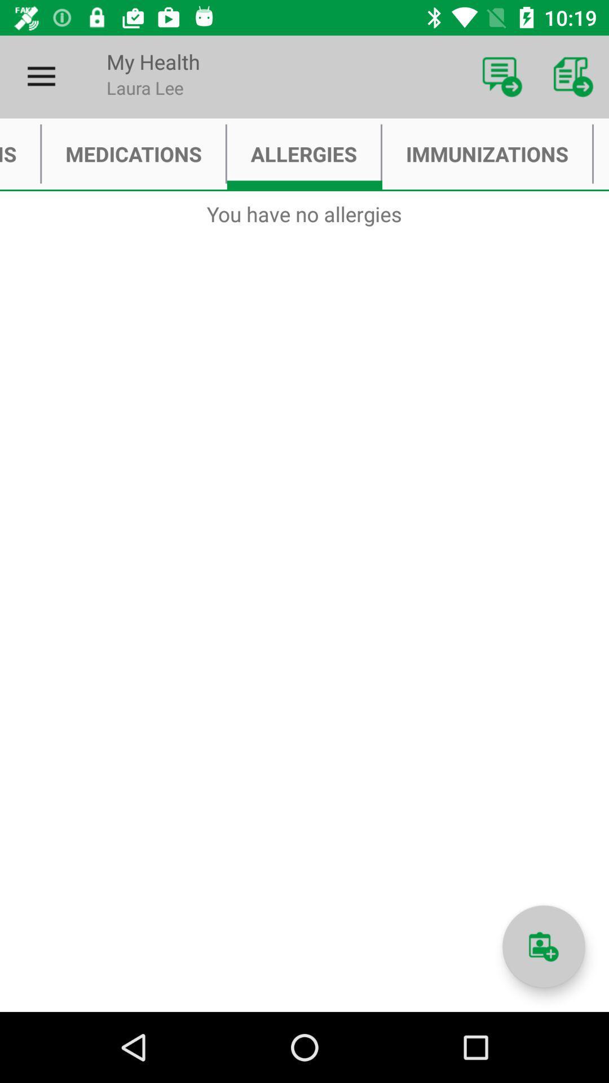  What do you see at coordinates (502, 76) in the screenshot?
I see `item to the right of my health item` at bounding box center [502, 76].